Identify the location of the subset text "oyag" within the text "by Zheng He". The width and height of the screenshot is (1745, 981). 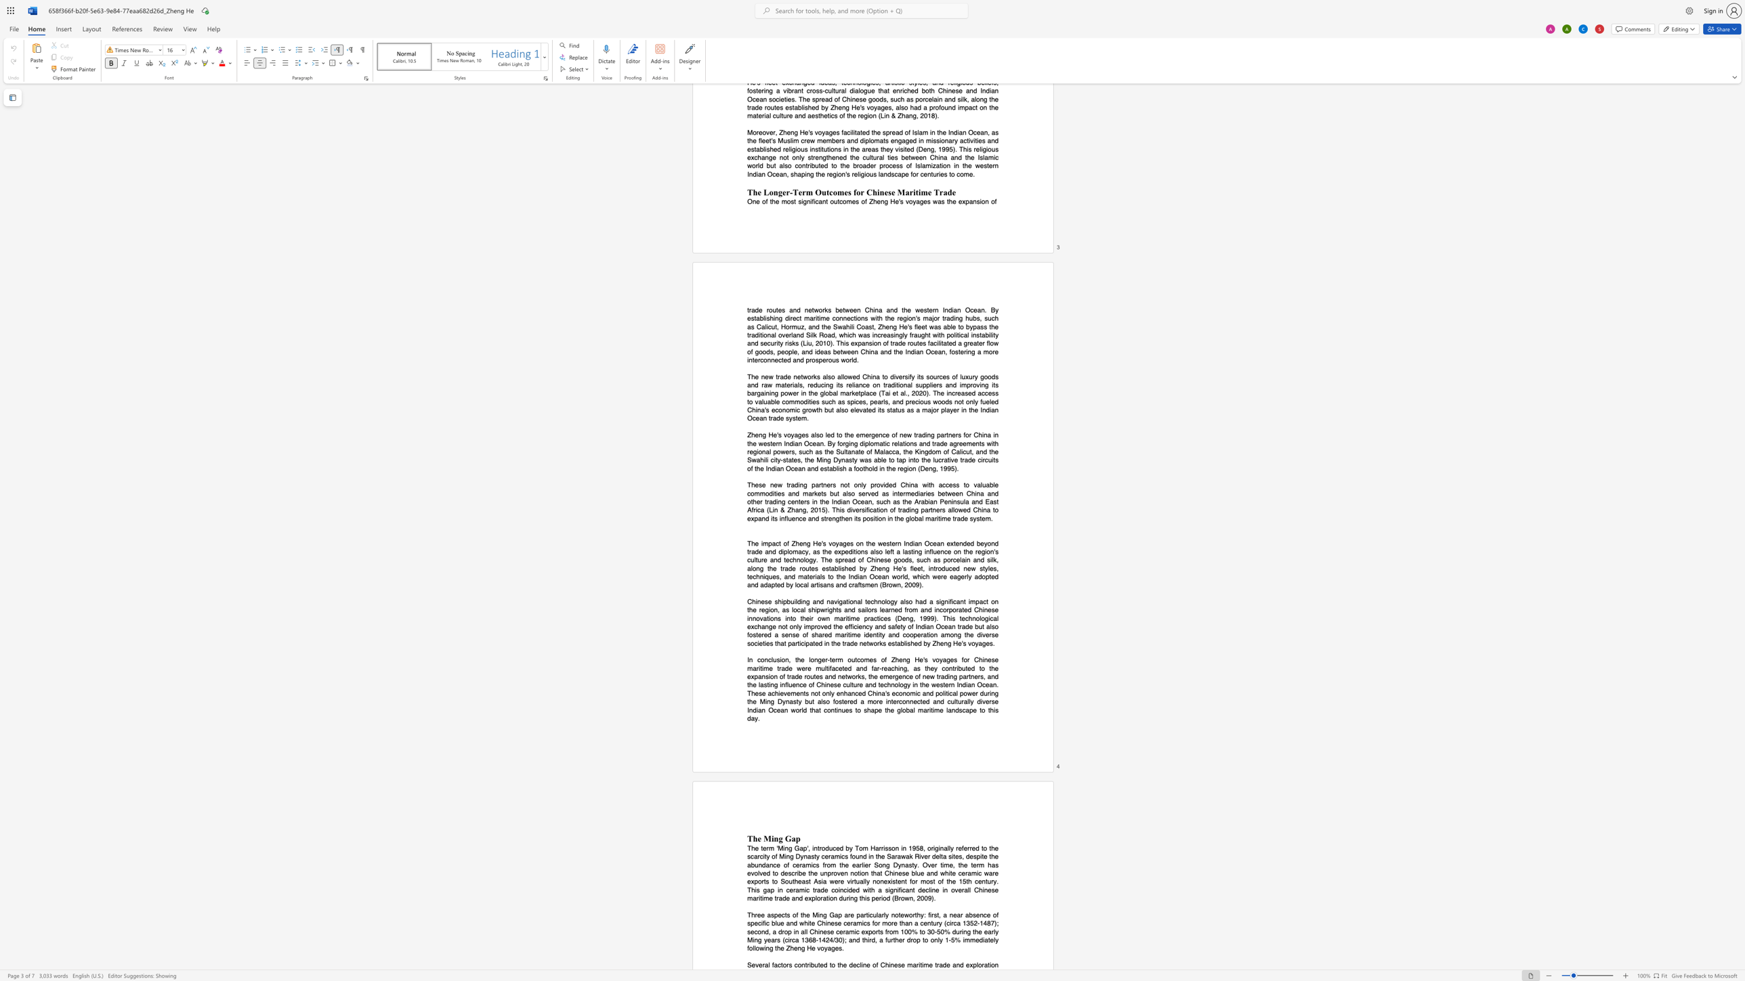
(971, 642).